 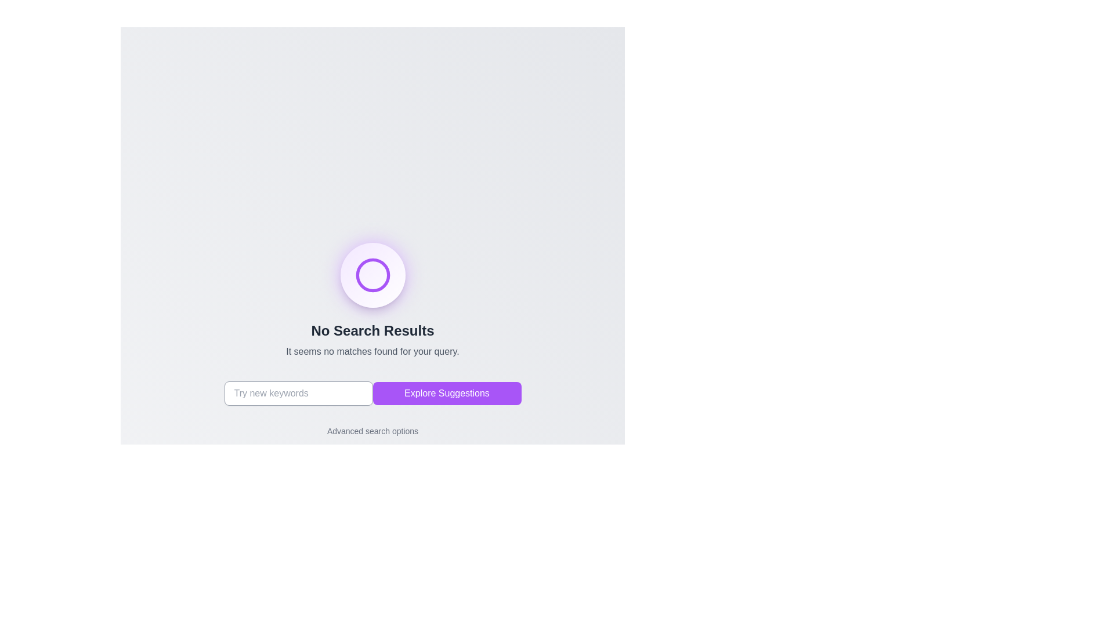 I want to click on the A text display element that indicates no results were found, located below a circular icon and above the search bar, so click(x=372, y=339).